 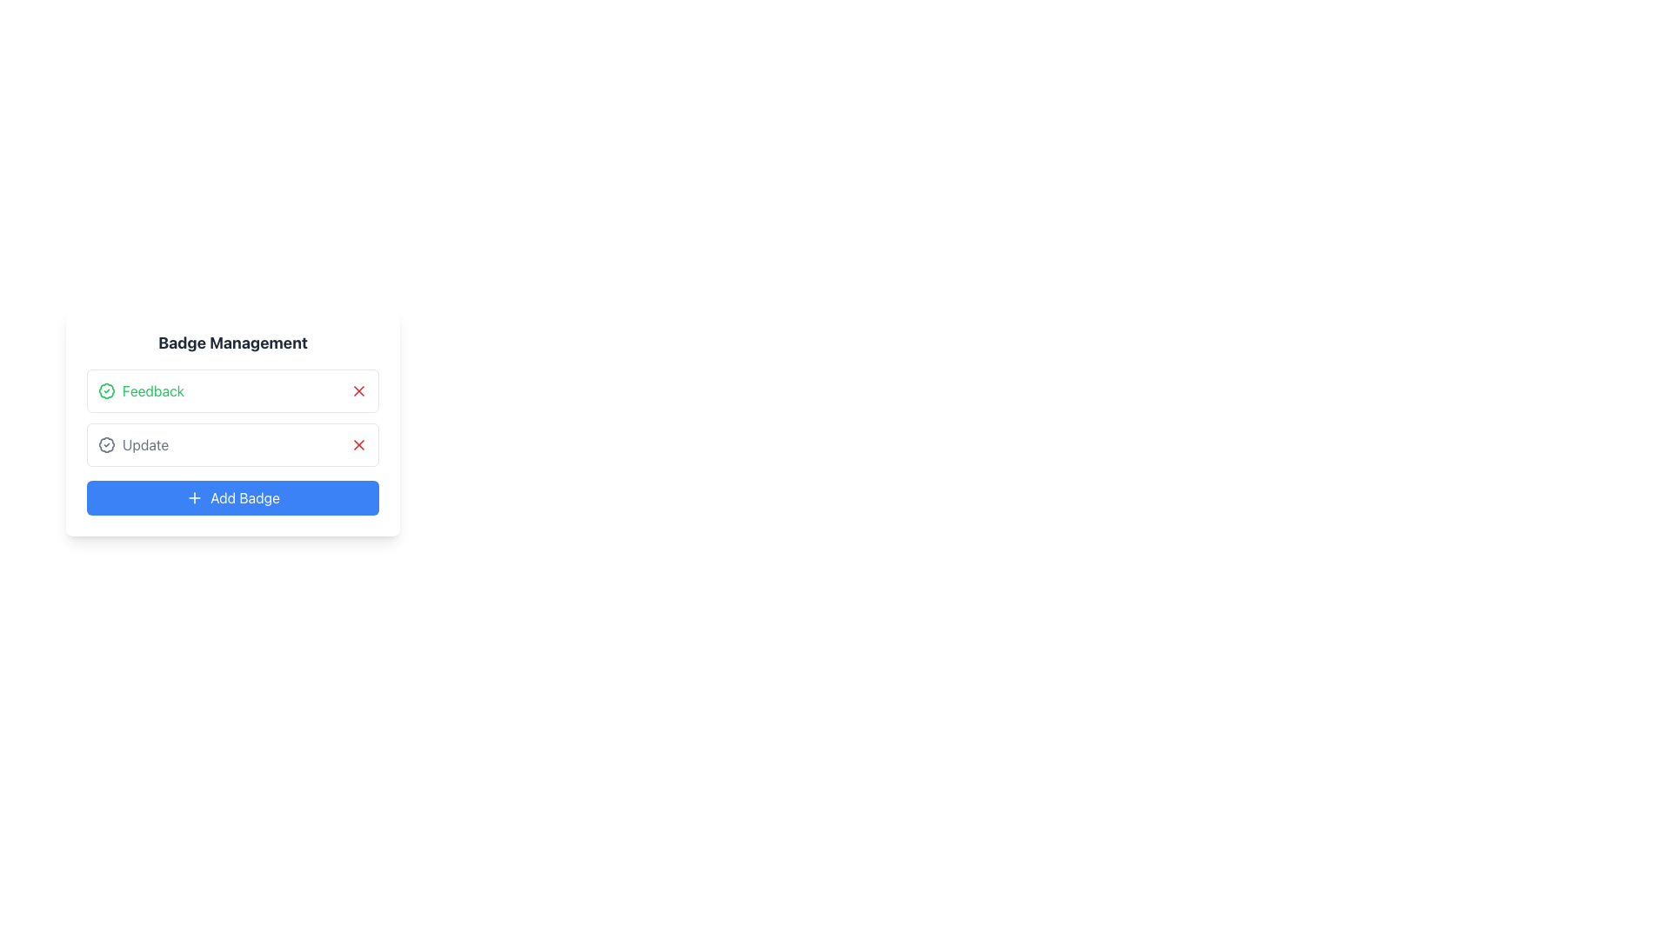 What do you see at coordinates (106, 444) in the screenshot?
I see `the circular outline of the badge icon located in the top-left corner of the 'Update' label under the 'Badge Management' section` at bounding box center [106, 444].